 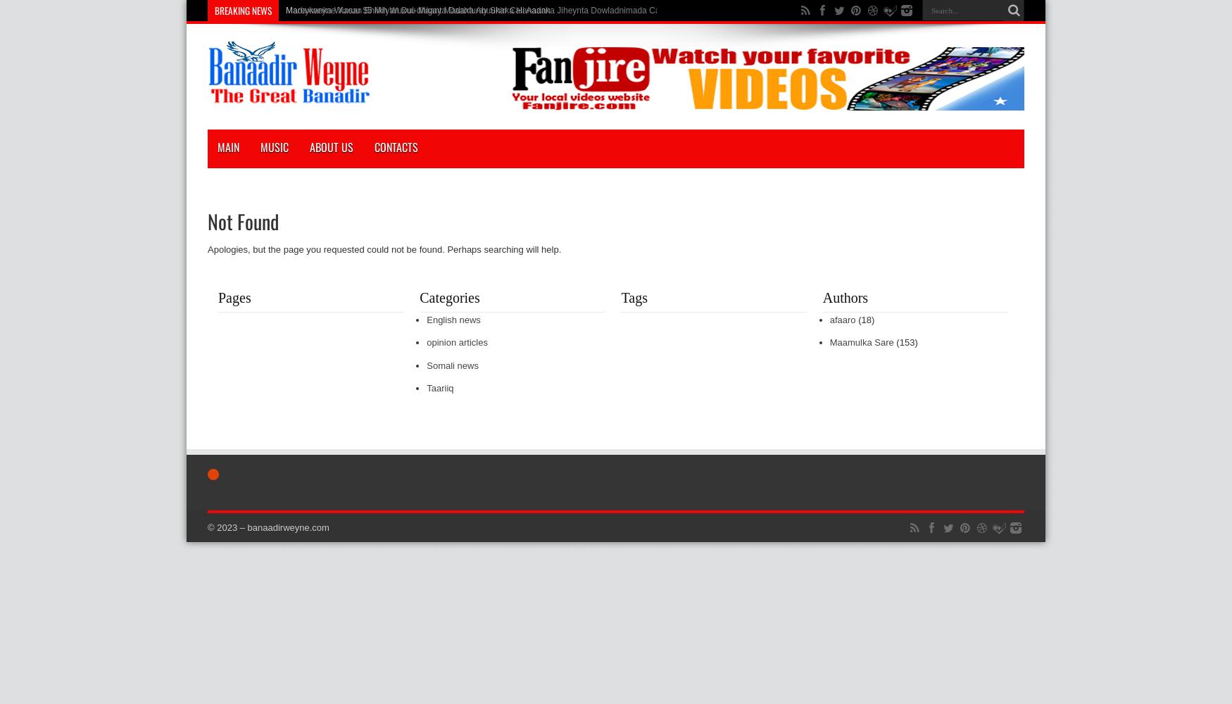 I want to click on 'Taariiq', so click(x=427, y=388).